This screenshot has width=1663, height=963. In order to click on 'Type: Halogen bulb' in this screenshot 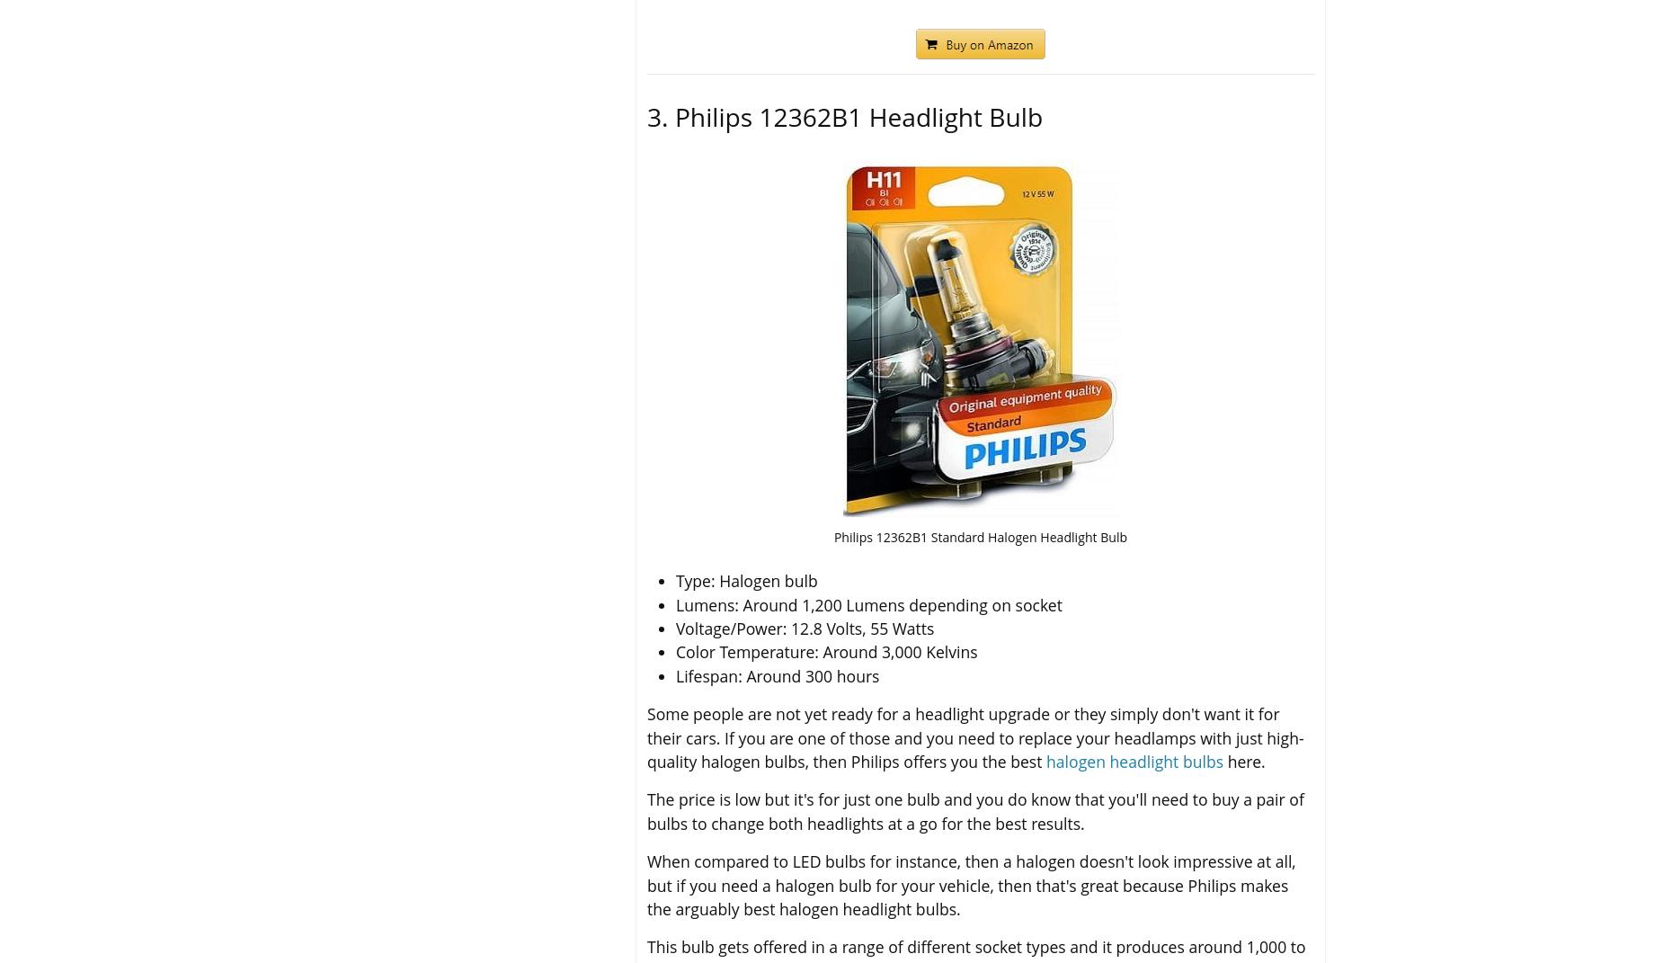, I will do `click(676, 580)`.